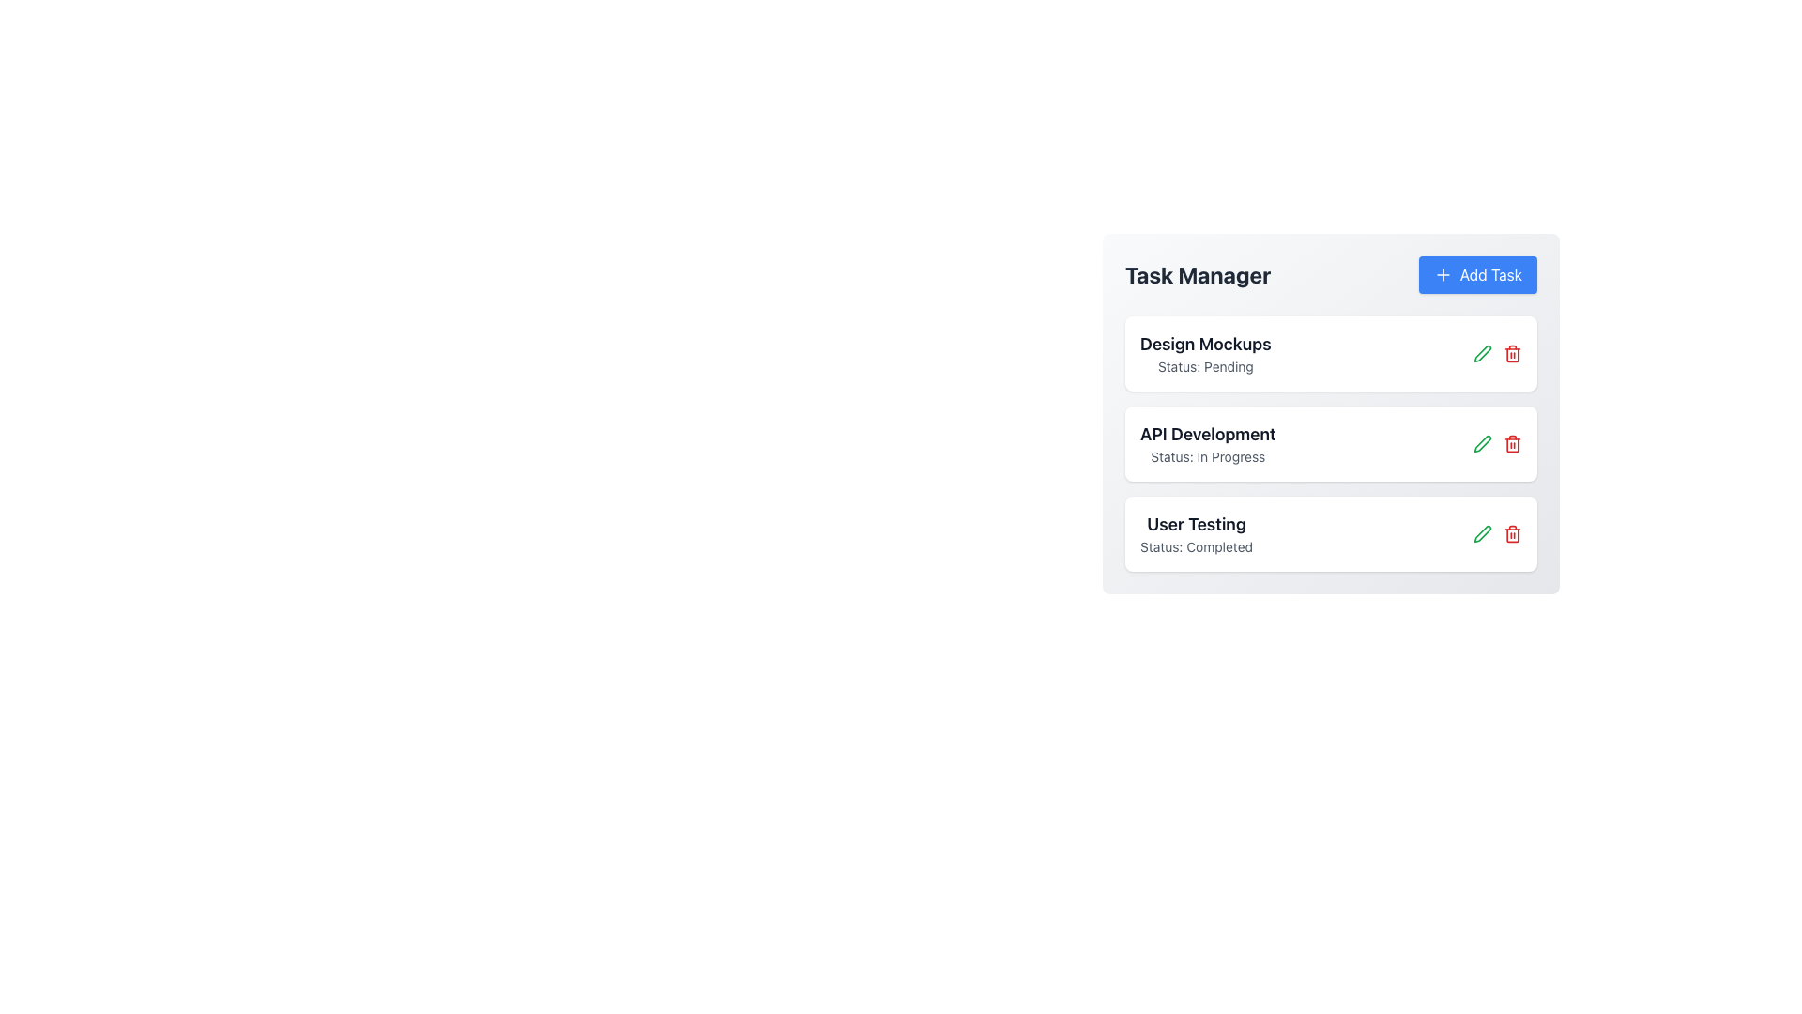 The width and height of the screenshot is (1802, 1014). What do you see at coordinates (1513, 445) in the screenshot?
I see `the trash icon element located to the right of the text 'API Development', which is the second trash icon in the list` at bounding box center [1513, 445].